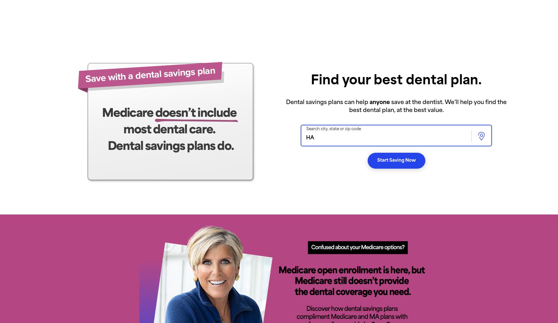 This screenshot has width=558, height=323. I want to click on 'Search for a plan near you.', so click(183, 244).